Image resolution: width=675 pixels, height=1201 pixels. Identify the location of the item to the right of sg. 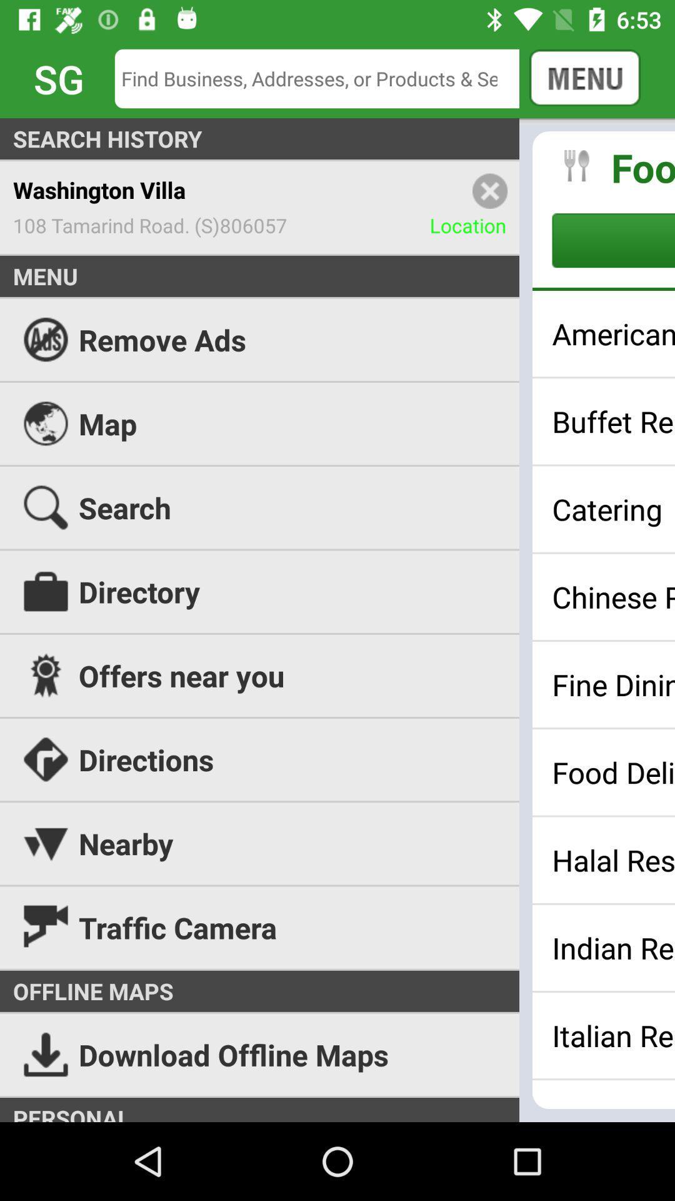
(326, 78).